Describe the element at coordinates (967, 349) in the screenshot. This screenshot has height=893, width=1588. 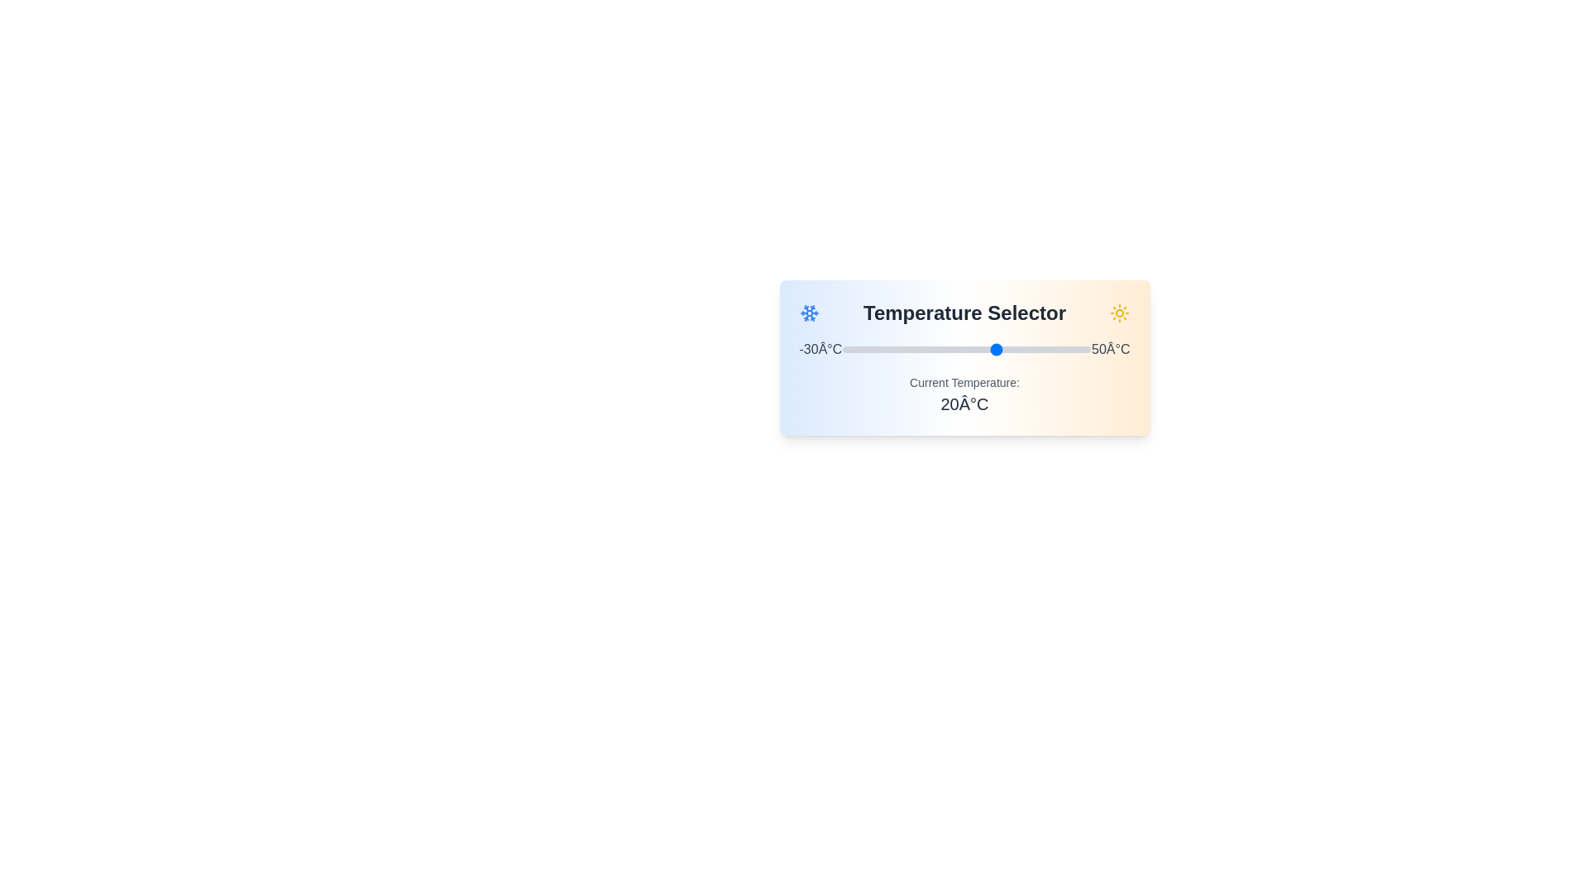
I see `the track of the horizontal slider for the temperature range between -30°C and 50°C to set the temperature` at that location.